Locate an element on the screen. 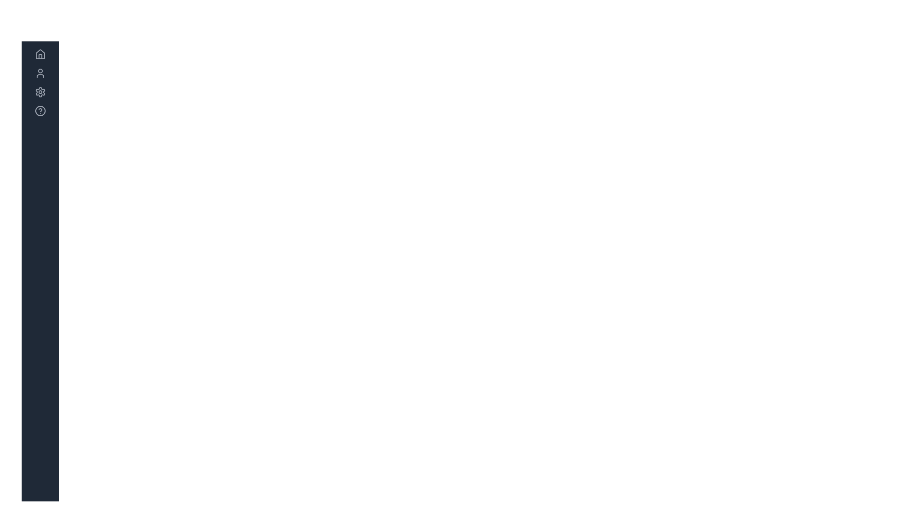 This screenshot has height=508, width=903. the house icon located at the top of the vertical navigation bar on the far left side of the interface is located at coordinates (40, 54).